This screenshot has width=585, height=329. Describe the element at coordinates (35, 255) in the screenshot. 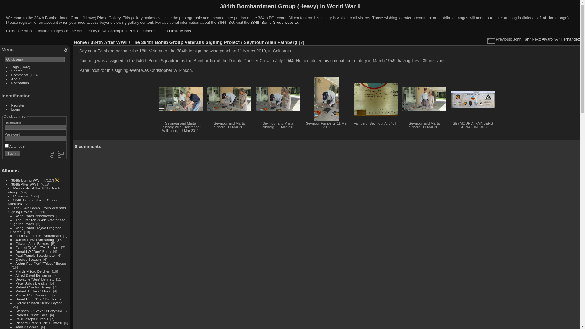

I see `'Paul Francis Beardshear'` at that location.